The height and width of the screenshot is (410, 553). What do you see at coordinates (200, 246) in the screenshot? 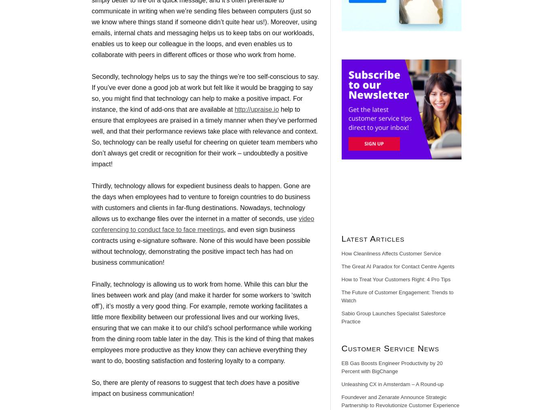
I see `', and even sign business contracts using e-signature software. None of this would have been possible without technology, demonstrating the positive impact tech has had on business communication!'` at bounding box center [200, 246].